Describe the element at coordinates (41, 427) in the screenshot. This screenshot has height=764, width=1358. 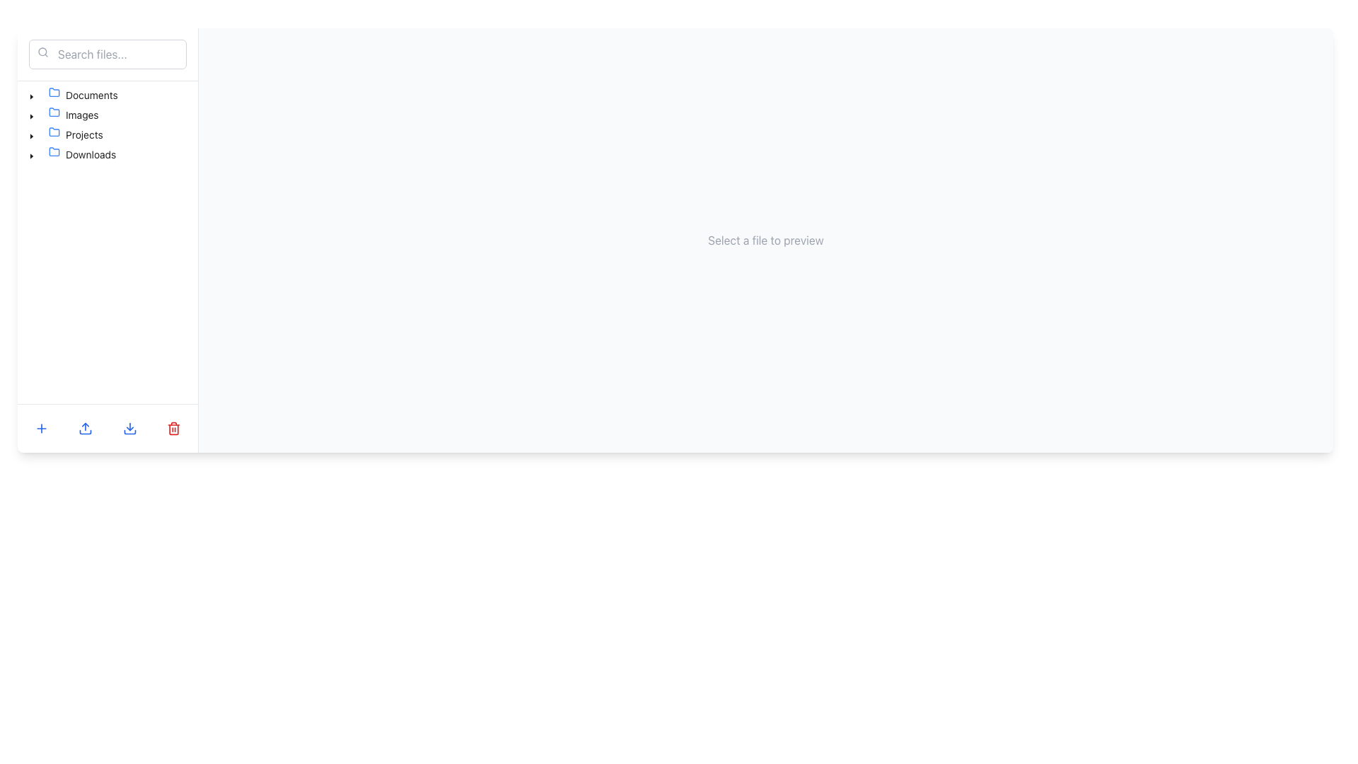
I see `the first square button with a blue plus icon located at the bottom-left corner of the viewport` at that location.